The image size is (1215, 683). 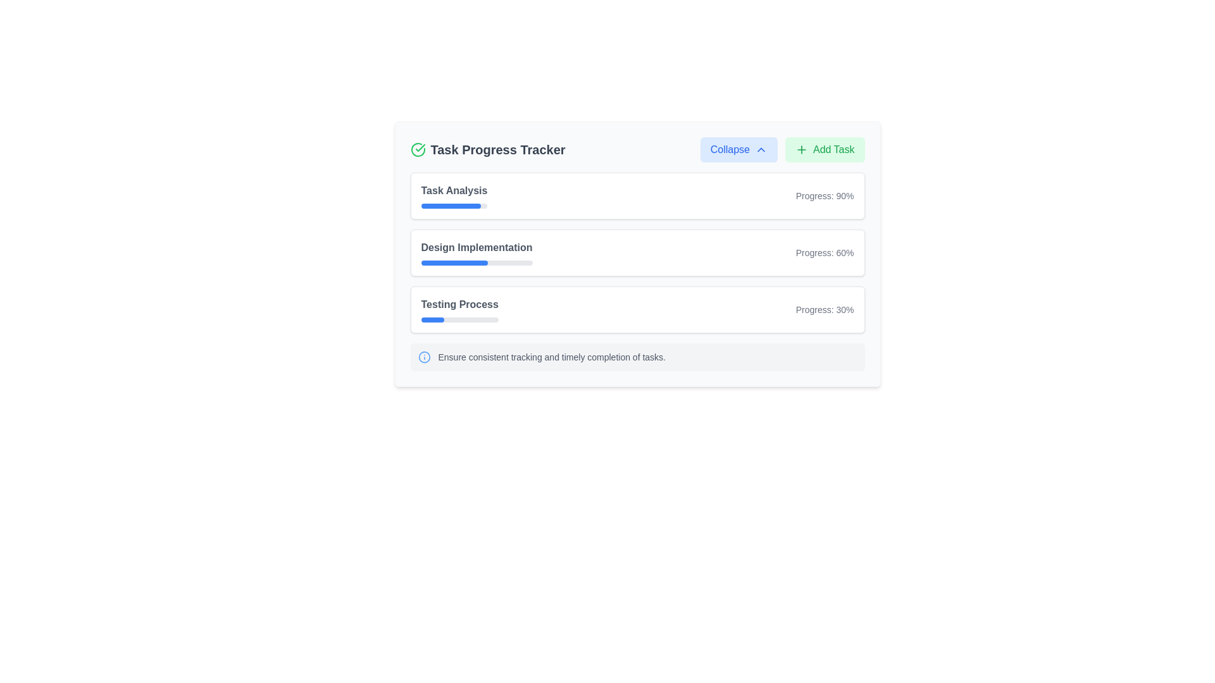 I want to click on the graphical circle component with a blue outline that is part of an information symbol in the bottom part of the interface, so click(x=424, y=357).